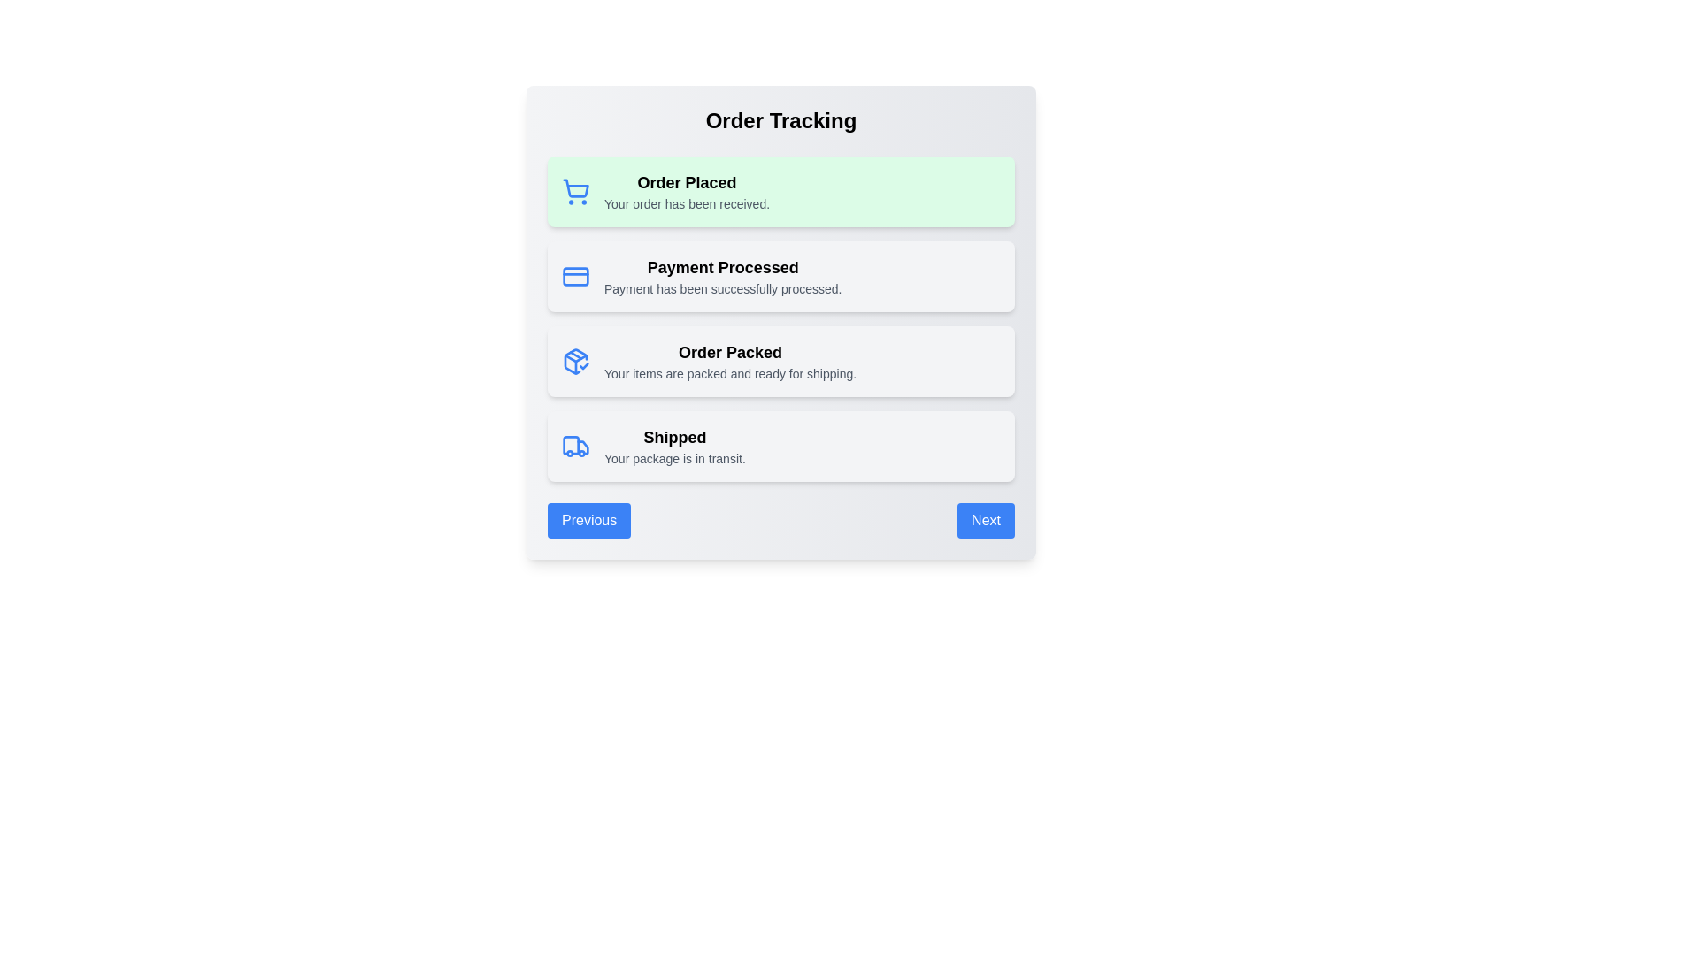 This screenshot has width=1699, height=955. Describe the element at coordinates (673, 437) in the screenshot. I see `the bold text label that reads 'Shipped', which is styled with a large font size and dark color, located at the top of the fourth card in the 'Order Tracking' section` at that location.